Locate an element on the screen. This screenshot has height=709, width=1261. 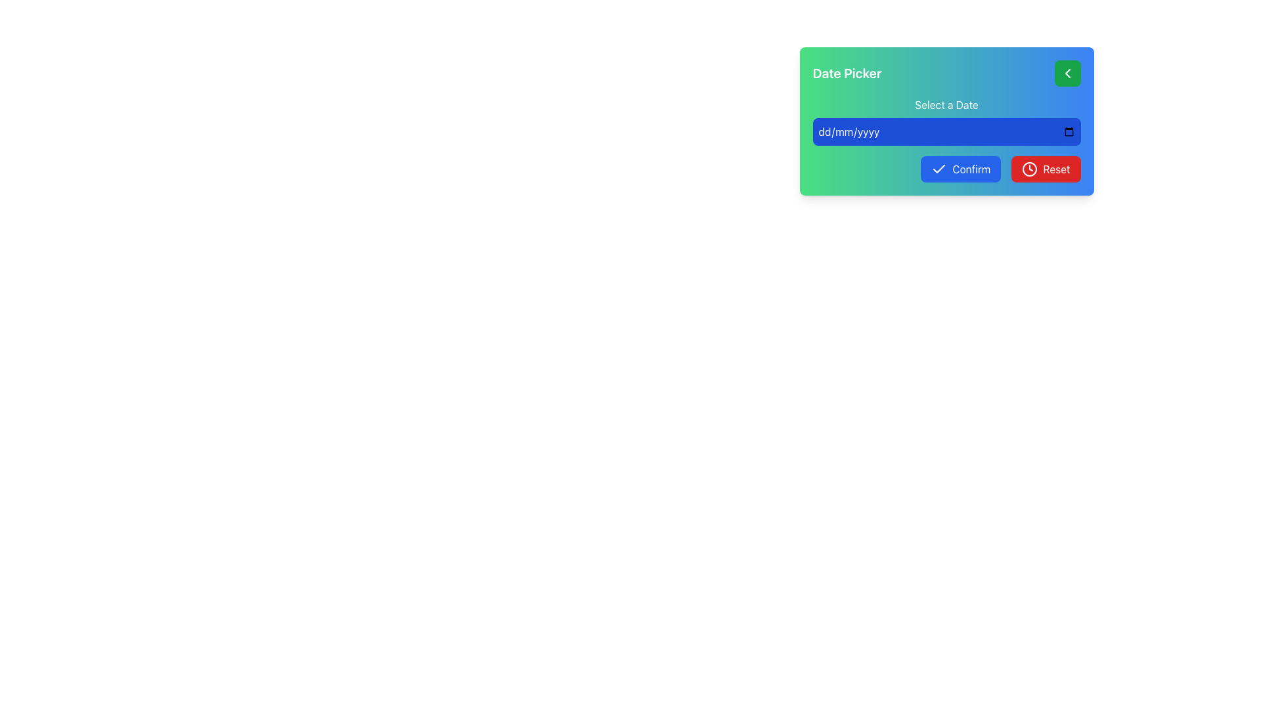
the left arrow icon located in the upper-right region of the interface within the green square of the date picker card is located at coordinates (1067, 73).